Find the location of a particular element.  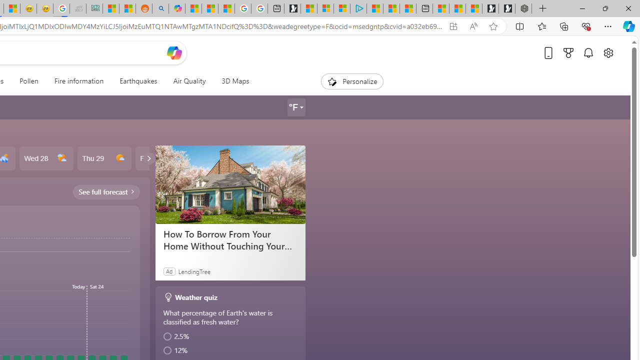

'3D Maps' is located at coordinates (231, 81).